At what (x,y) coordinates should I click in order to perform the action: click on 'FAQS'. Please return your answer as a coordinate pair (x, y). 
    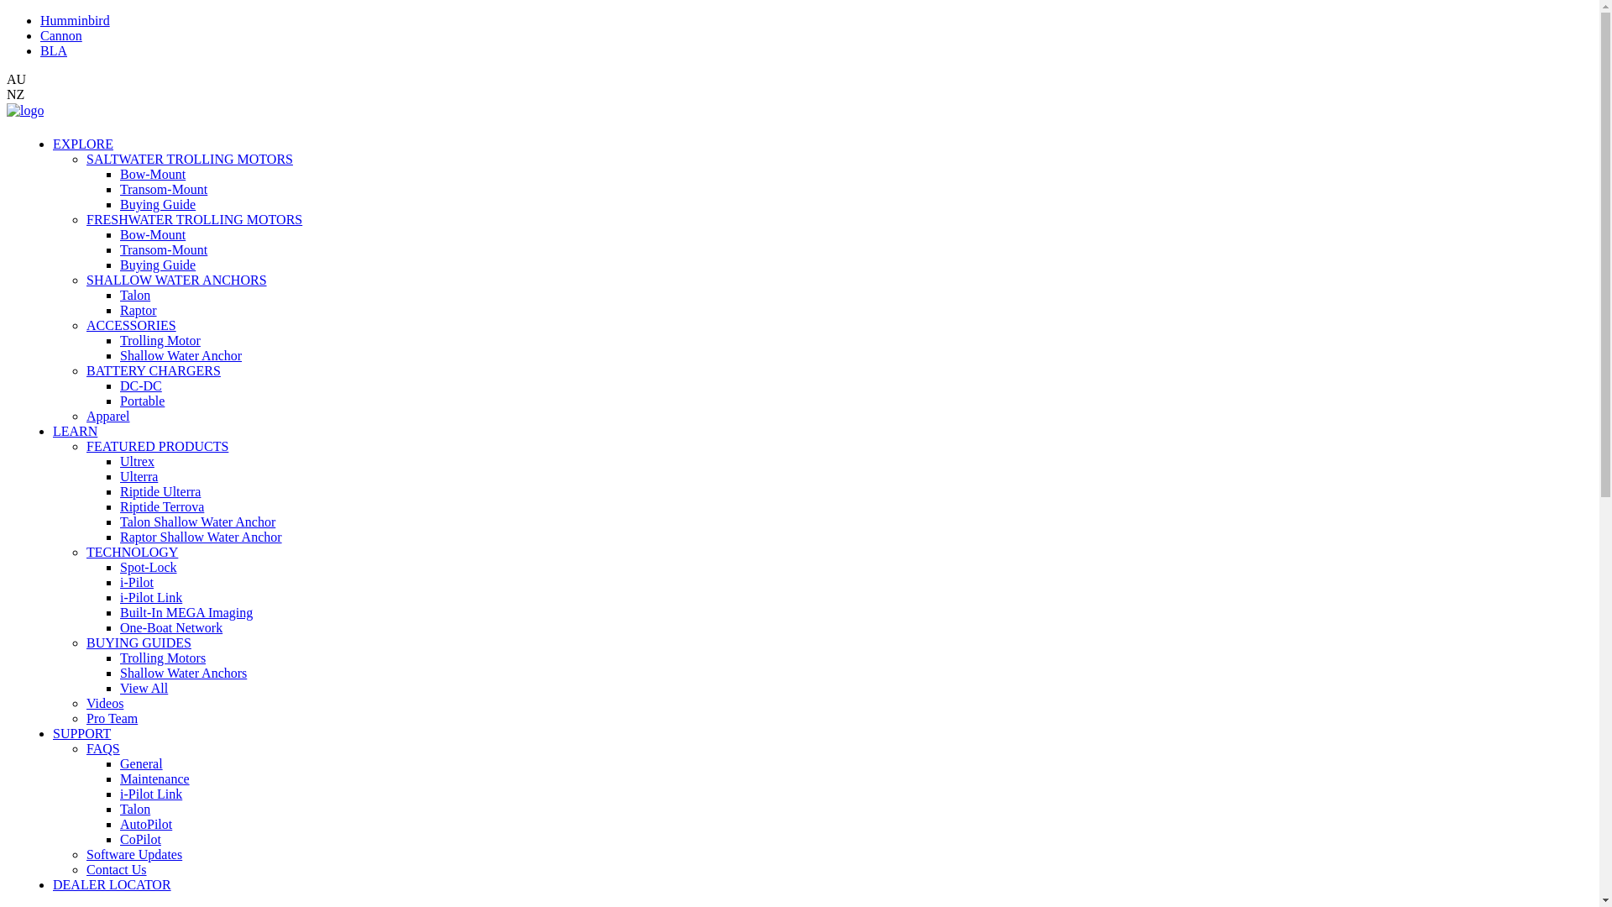
    Looking at the image, I should click on (102, 747).